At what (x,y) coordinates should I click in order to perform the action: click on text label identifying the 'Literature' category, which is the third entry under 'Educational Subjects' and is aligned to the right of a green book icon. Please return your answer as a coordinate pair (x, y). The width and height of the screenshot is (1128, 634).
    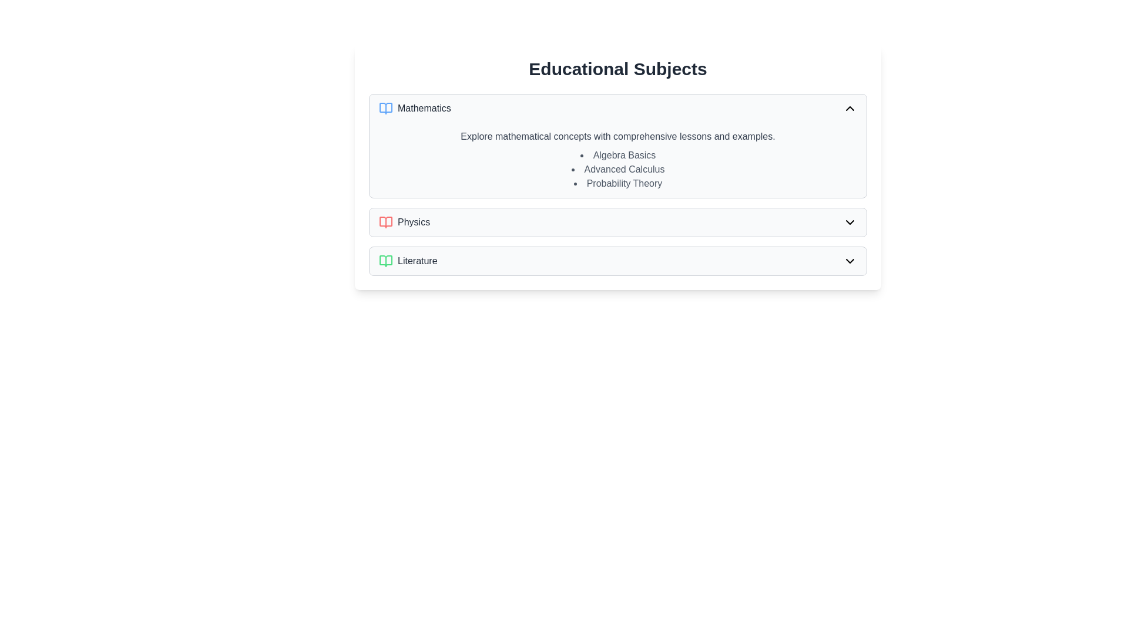
    Looking at the image, I should click on (417, 260).